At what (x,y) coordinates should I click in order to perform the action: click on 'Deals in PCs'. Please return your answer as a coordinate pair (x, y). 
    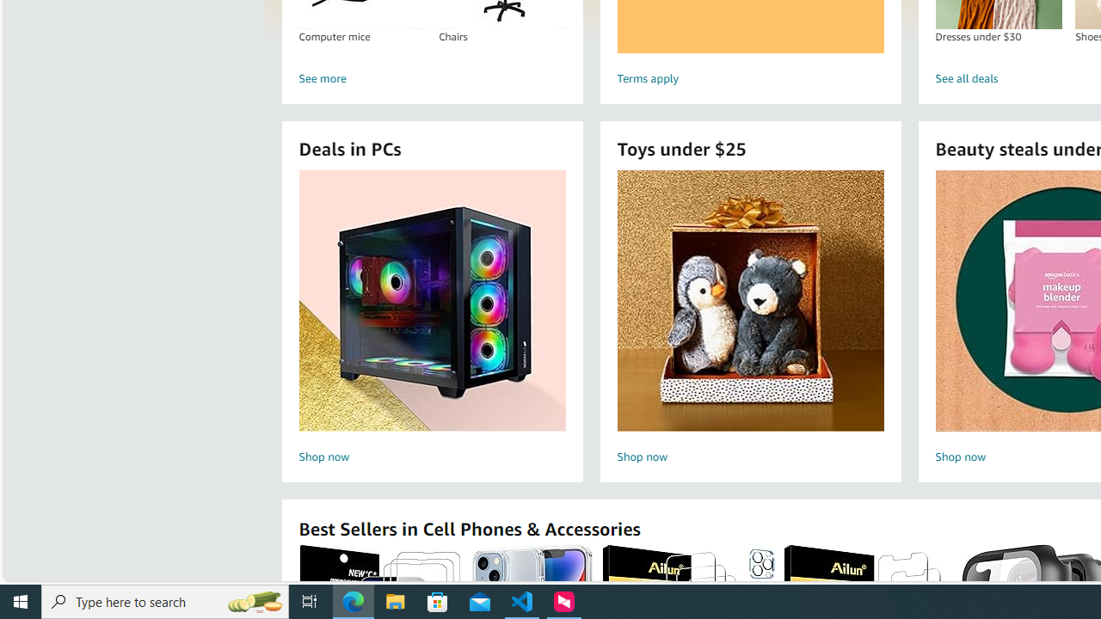
    Looking at the image, I should click on (433, 299).